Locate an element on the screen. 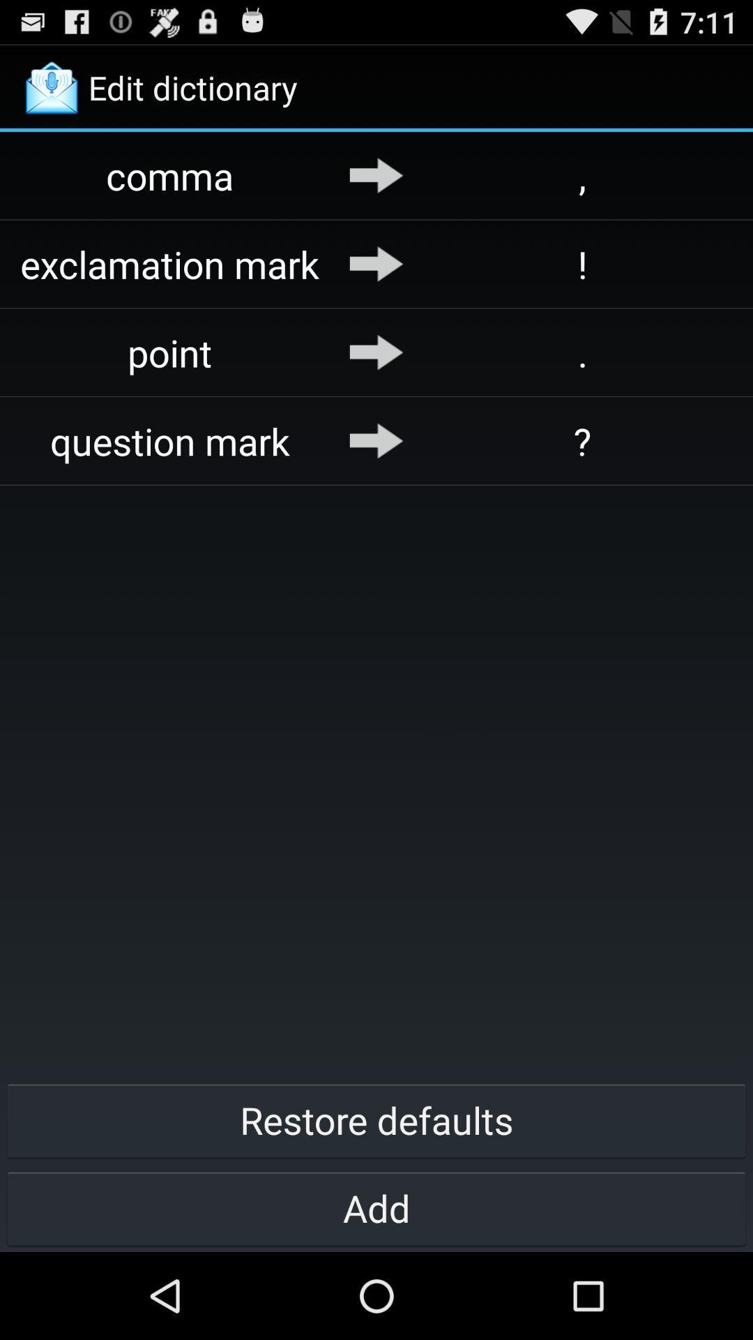 The height and width of the screenshot is (1340, 753). the question mark item is located at coordinates (169, 440).